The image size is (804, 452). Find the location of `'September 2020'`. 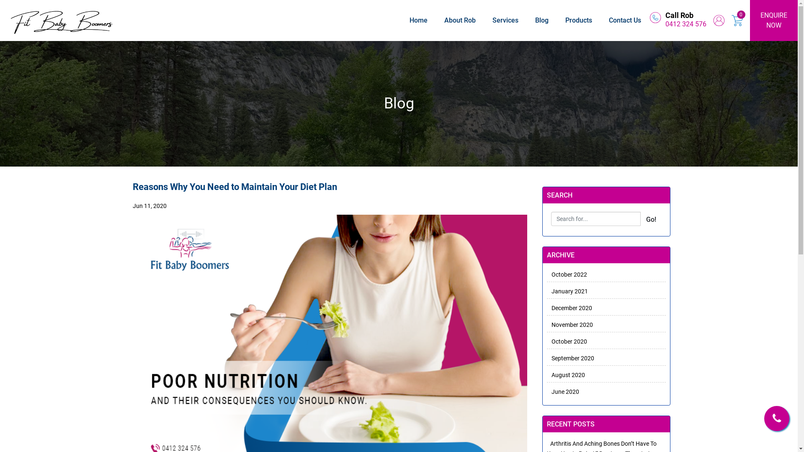

'September 2020' is located at coordinates (546, 358).